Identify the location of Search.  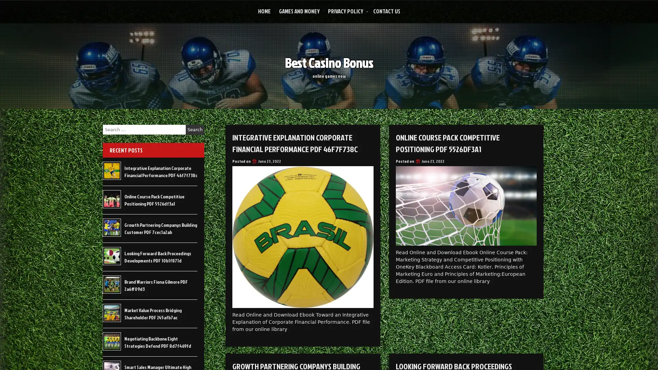
(195, 129).